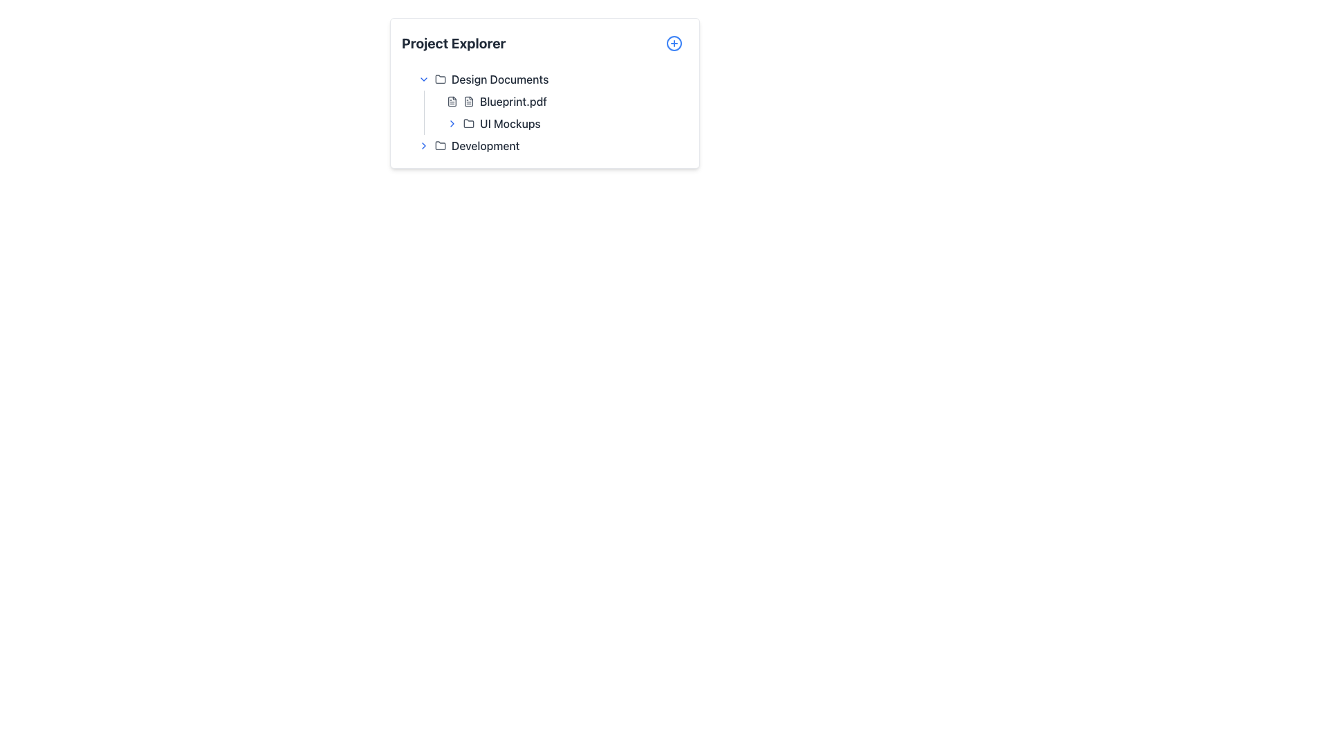 The height and width of the screenshot is (747, 1328). What do you see at coordinates (452, 122) in the screenshot?
I see `the leftmost Chevron icon next to the 'UI Mockups' text to observe potential visual feedback` at bounding box center [452, 122].